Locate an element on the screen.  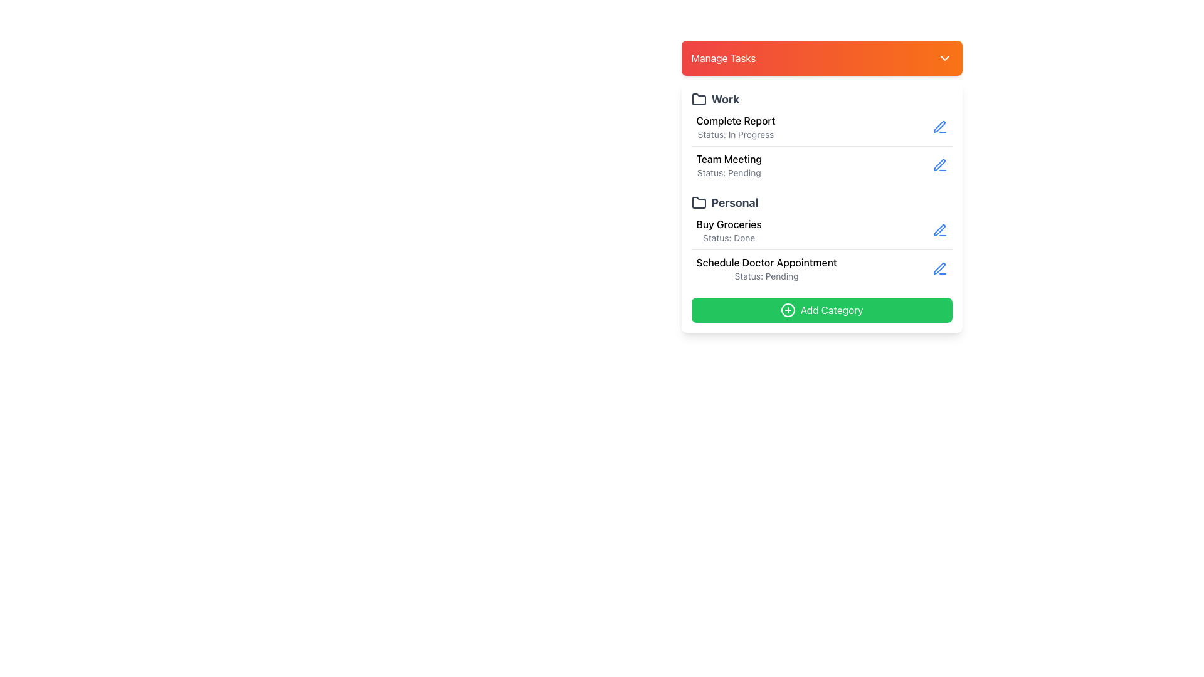
the static text label that reads 'Status: Pending', located below the title 'Team Meeting' in the 'Work' section of the 'Manage Tasks' list is located at coordinates (729, 173).